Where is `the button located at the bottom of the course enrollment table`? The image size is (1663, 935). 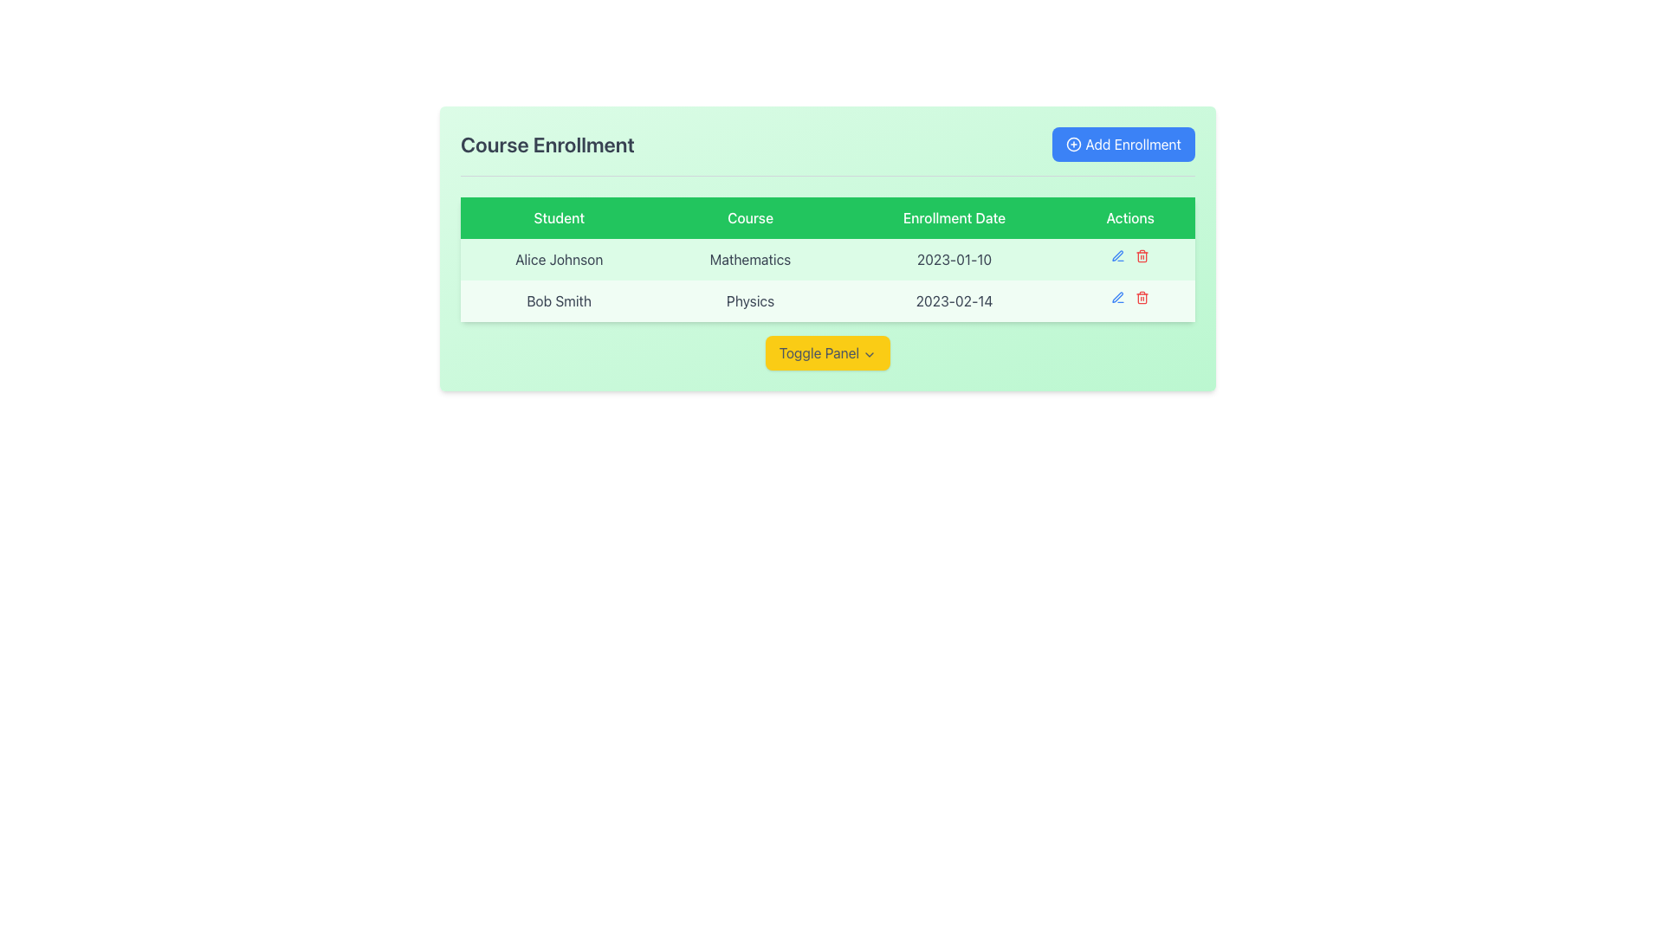
the button located at the bottom of the course enrollment table is located at coordinates (826, 352).